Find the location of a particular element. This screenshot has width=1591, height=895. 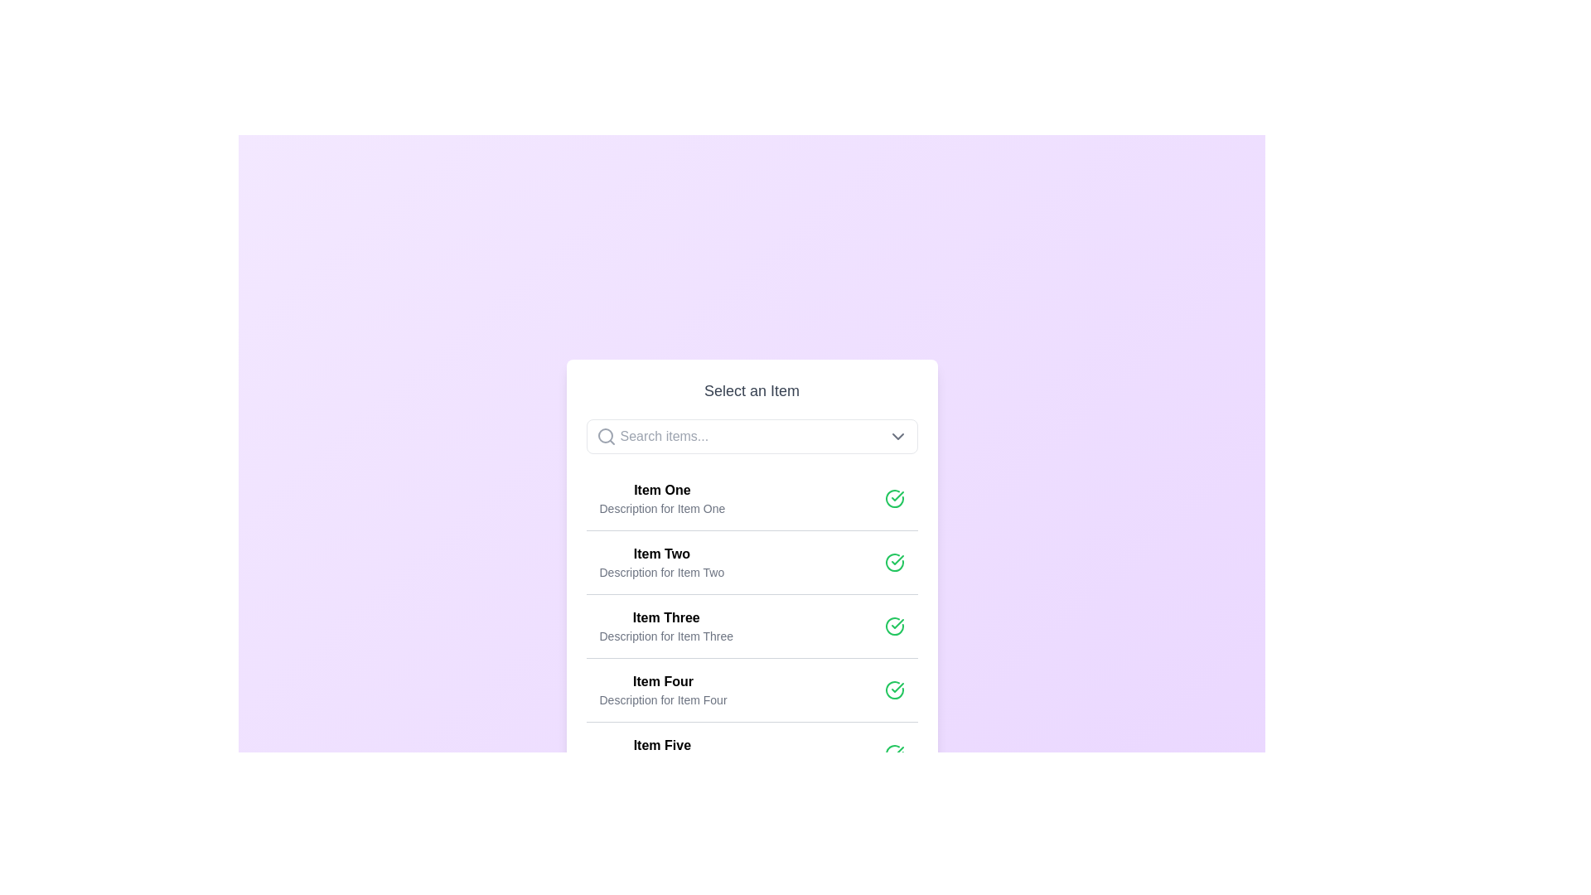

the fourth list item, which displays an item option with a title, description, and a checkmark, located under 'Select an Item' is located at coordinates (751, 689).